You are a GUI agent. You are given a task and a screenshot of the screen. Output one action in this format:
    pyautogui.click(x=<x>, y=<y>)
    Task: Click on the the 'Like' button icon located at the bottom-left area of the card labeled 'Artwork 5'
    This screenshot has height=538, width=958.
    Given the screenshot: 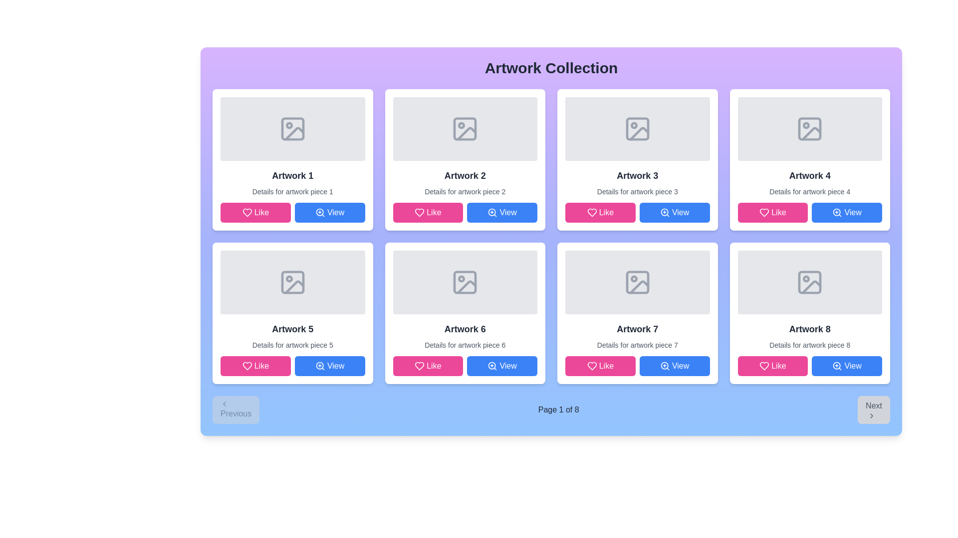 What is the action you would take?
    pyautogui.click(x=247, y=366)
    